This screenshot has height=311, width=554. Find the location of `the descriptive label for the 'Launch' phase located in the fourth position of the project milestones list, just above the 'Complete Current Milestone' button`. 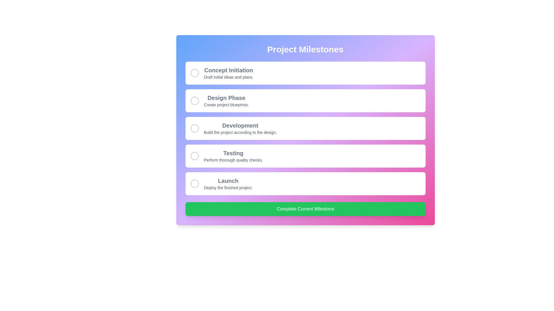

the descriptive label for the 'Launch' phase located in the fourth position of the project milestones list, just above the 'Complete Current Milestone' button is located at coordinates (228, 183).